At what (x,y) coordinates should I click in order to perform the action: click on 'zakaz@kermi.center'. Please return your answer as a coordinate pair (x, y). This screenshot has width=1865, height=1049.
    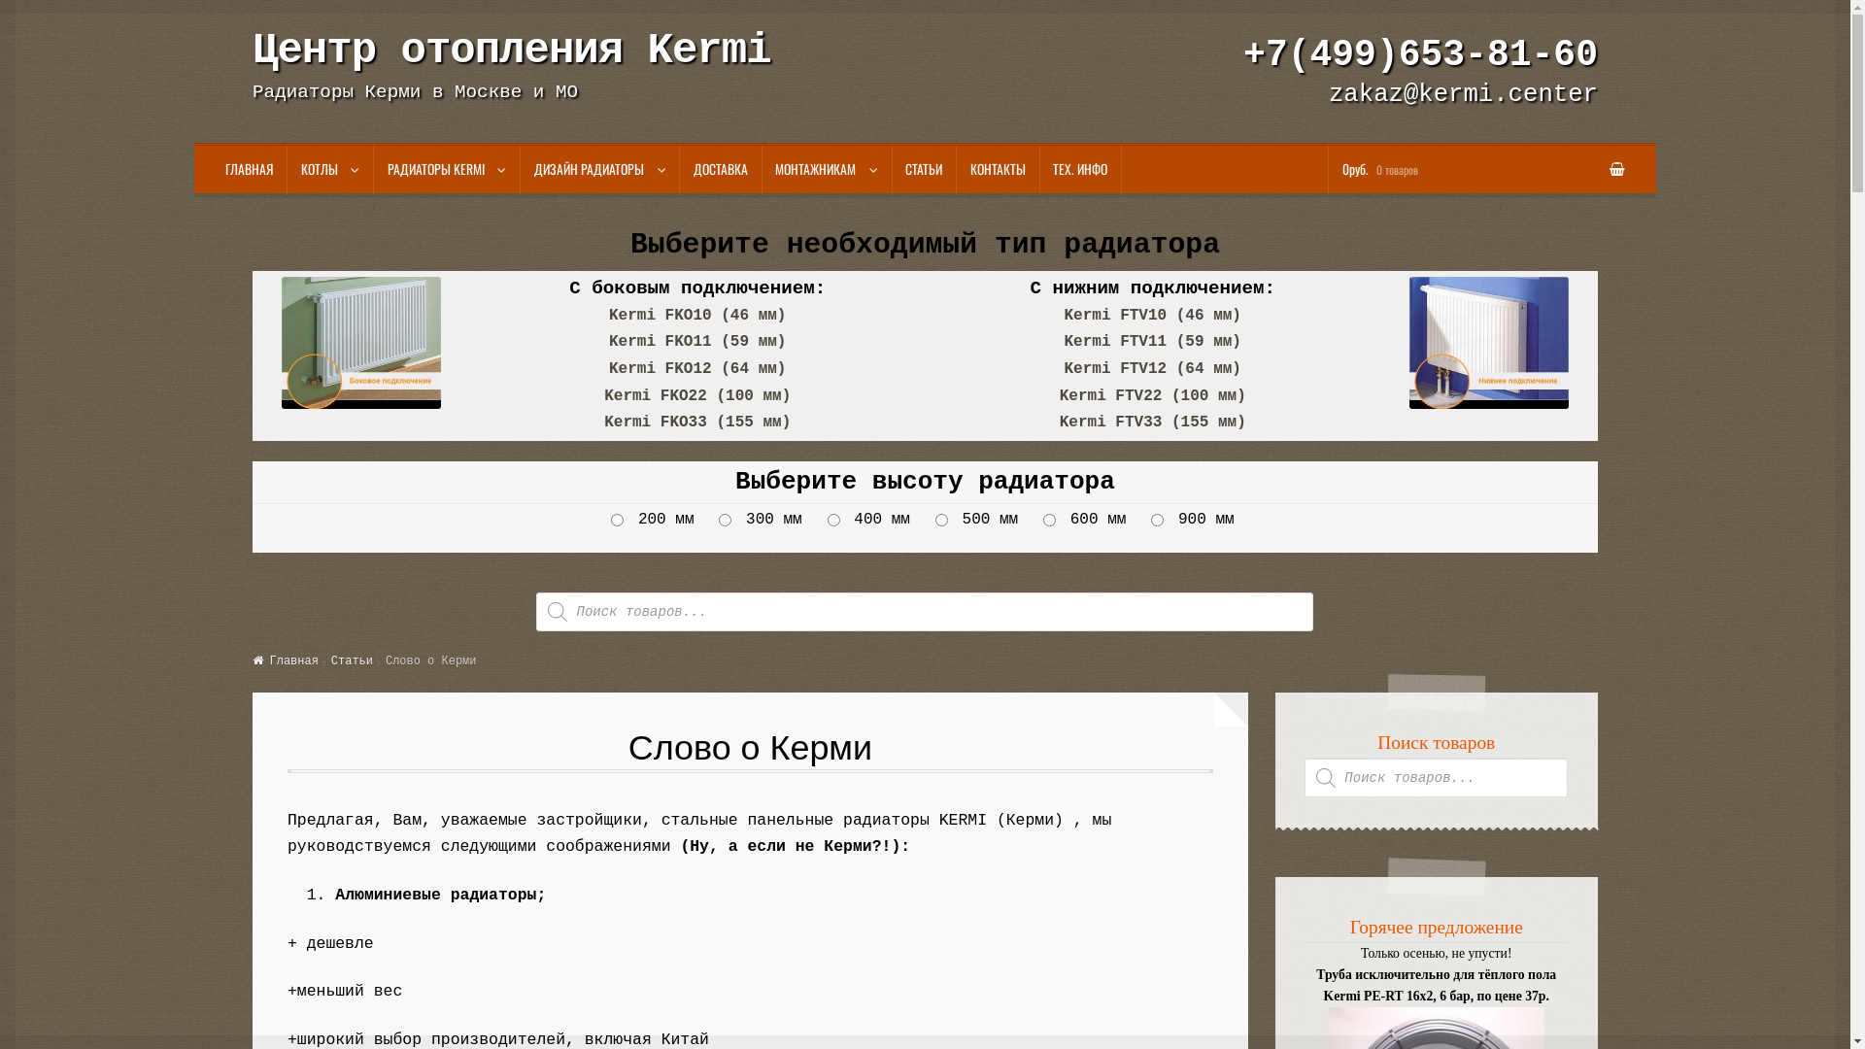
    Looking at the image, I should click on (1463, 94).